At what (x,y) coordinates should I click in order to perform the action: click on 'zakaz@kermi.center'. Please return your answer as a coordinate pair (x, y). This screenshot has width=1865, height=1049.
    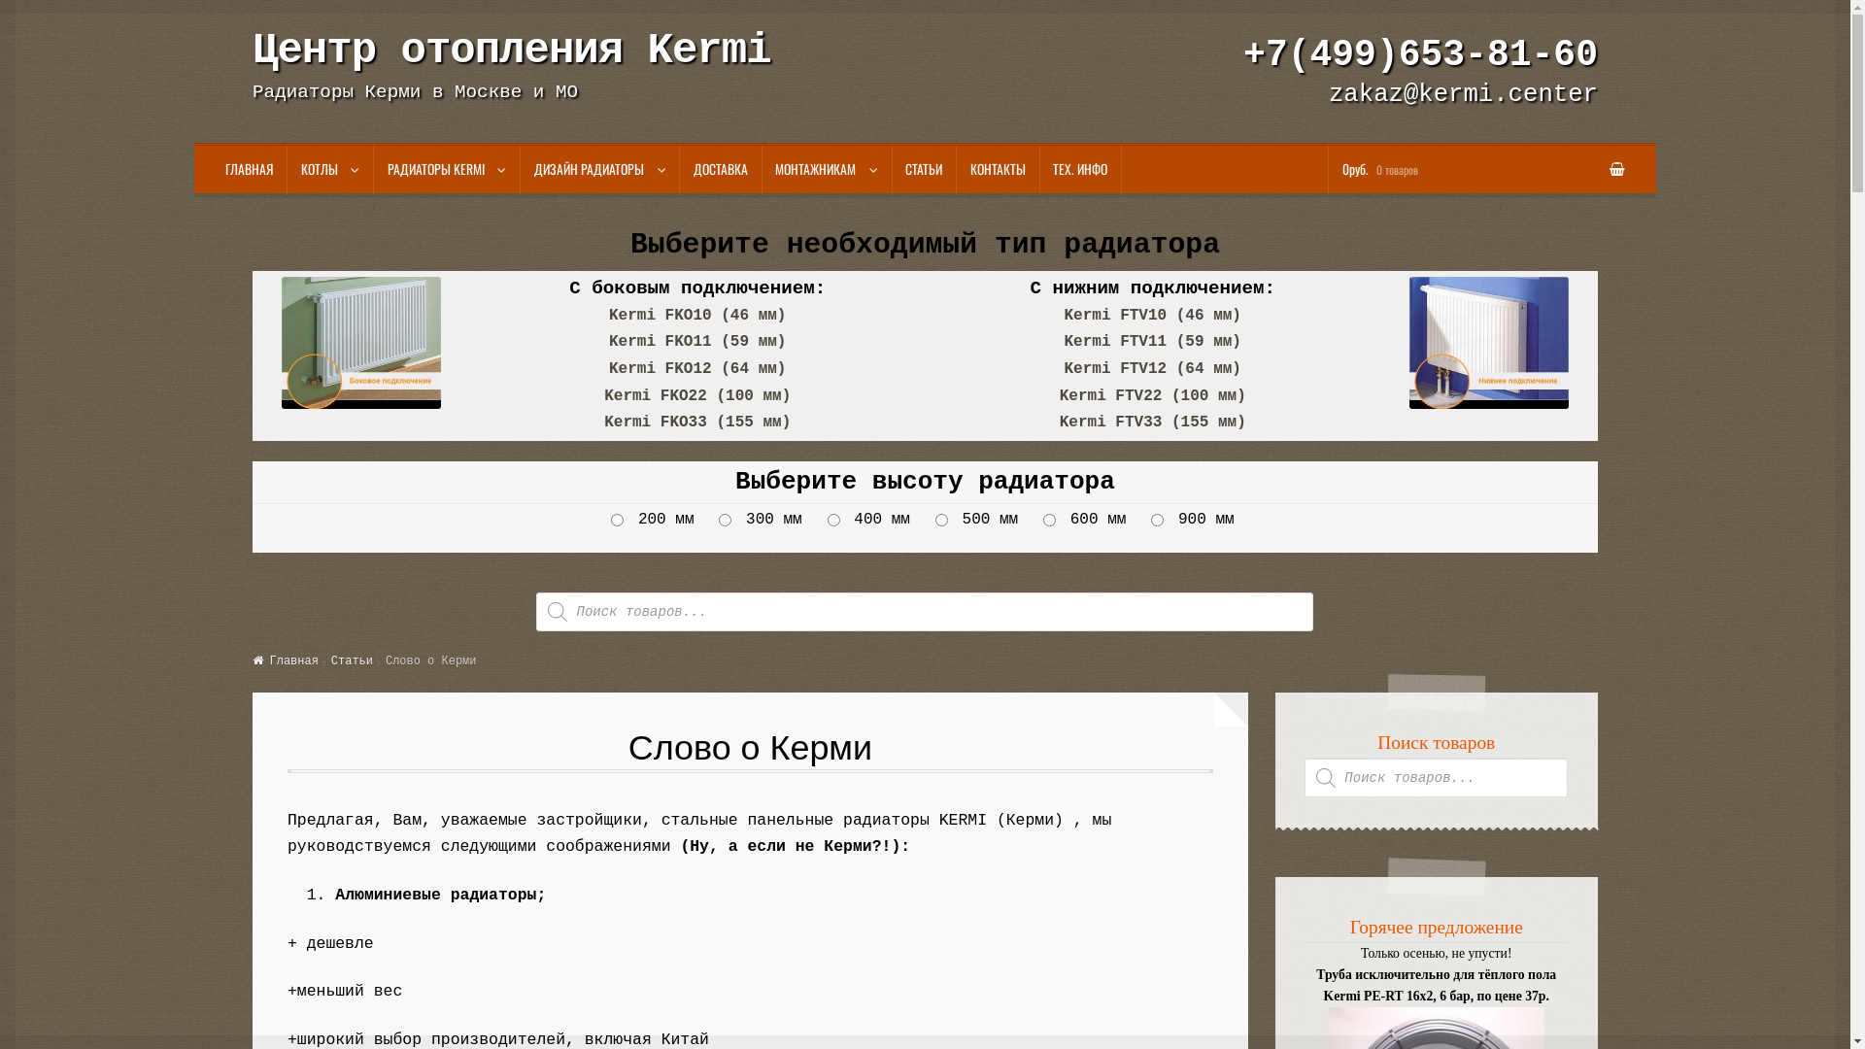
    Looking at the image, I should click on (1463, 94).